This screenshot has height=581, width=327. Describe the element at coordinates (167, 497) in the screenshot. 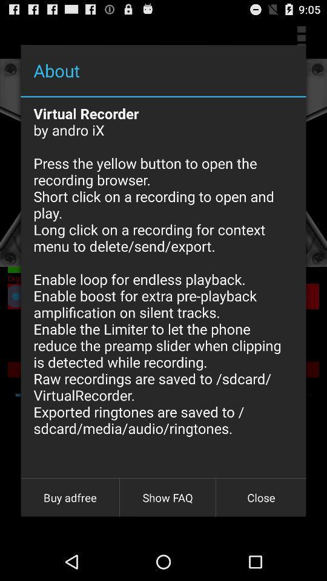

I see `show faq item` at that location.